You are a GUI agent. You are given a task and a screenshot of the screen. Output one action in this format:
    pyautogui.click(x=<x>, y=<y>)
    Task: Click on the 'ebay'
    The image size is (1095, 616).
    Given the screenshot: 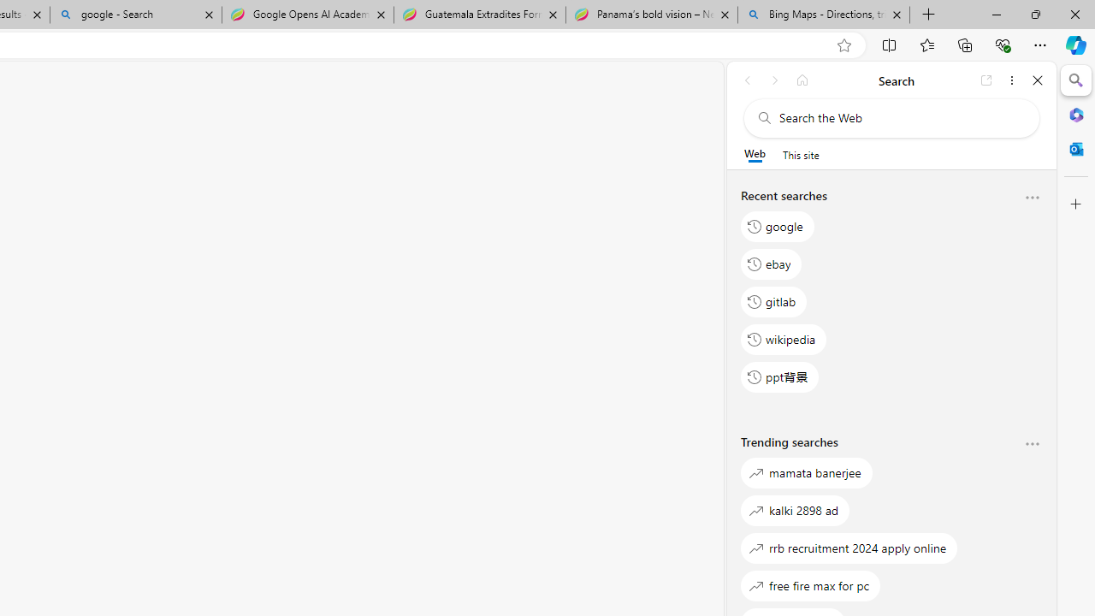 What is the action you would take?
    pyautogui.click(x=771, y=264)
    